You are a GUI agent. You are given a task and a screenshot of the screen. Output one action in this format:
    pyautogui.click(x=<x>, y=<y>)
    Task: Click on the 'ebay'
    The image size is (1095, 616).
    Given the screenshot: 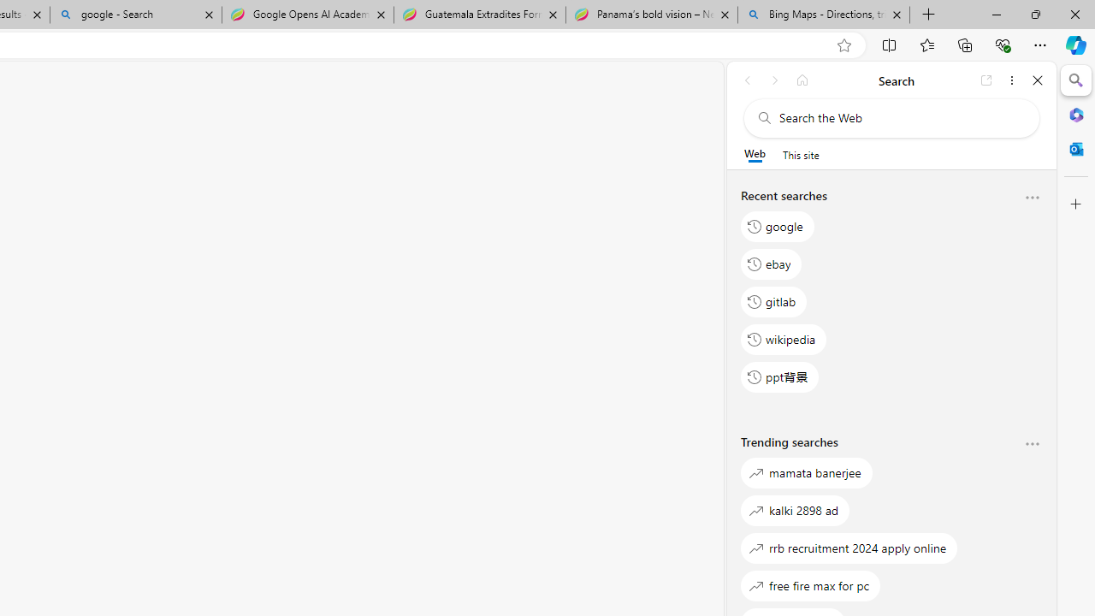 What is the action you would take?
    pyautogui.click(x=771, y=264)
    